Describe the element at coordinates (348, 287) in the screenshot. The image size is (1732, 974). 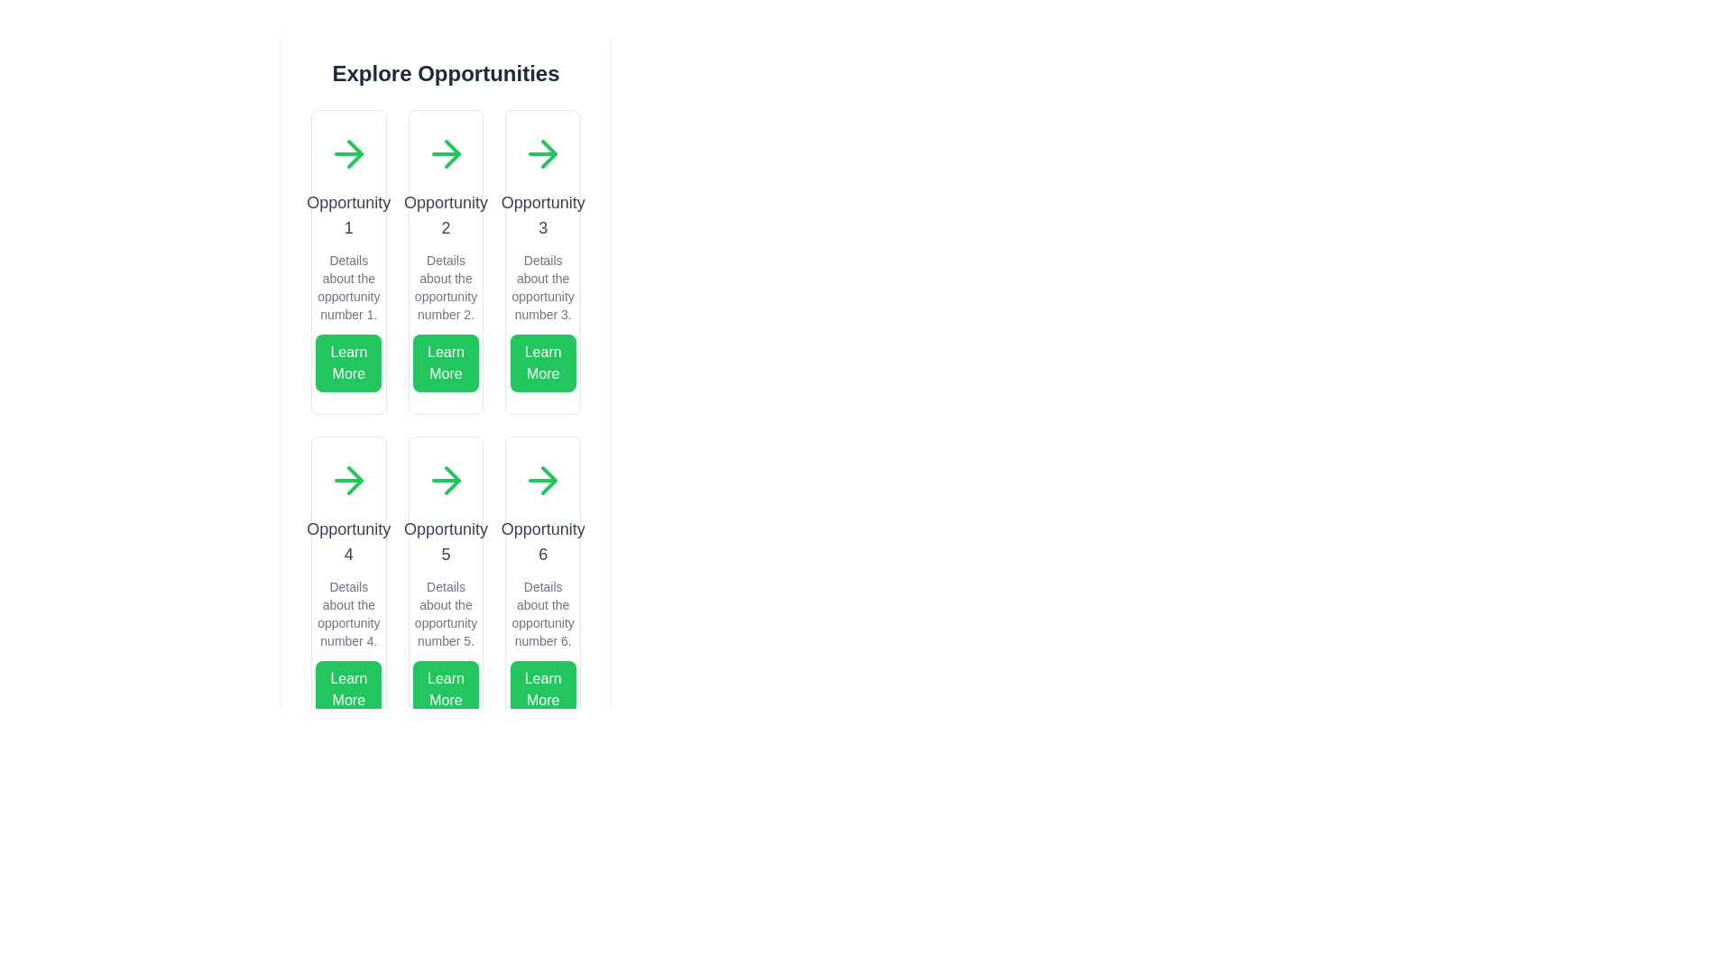
I see `the text block displaying 'Details about the opportunity number 1.' which is located below the 'Opportunity 1' header and above the 'Learn More' button` at that location.